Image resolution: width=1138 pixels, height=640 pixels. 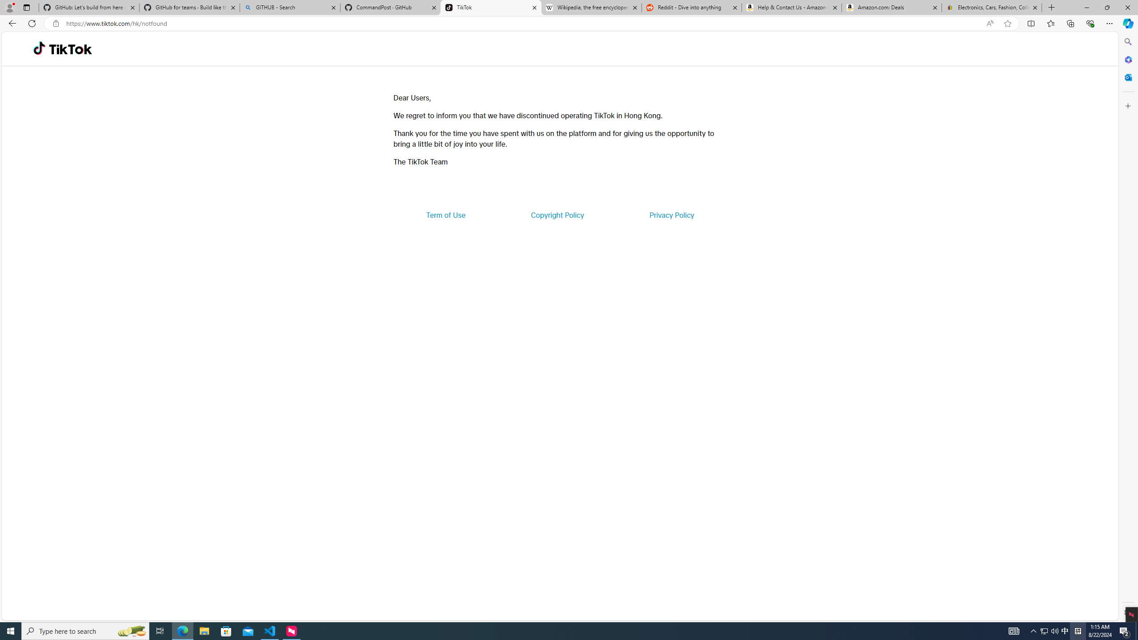 What do you see at coordinates (671, 214) in the screenshot?
I see `'Privacy Policy'` at bounding box center [671, 214].